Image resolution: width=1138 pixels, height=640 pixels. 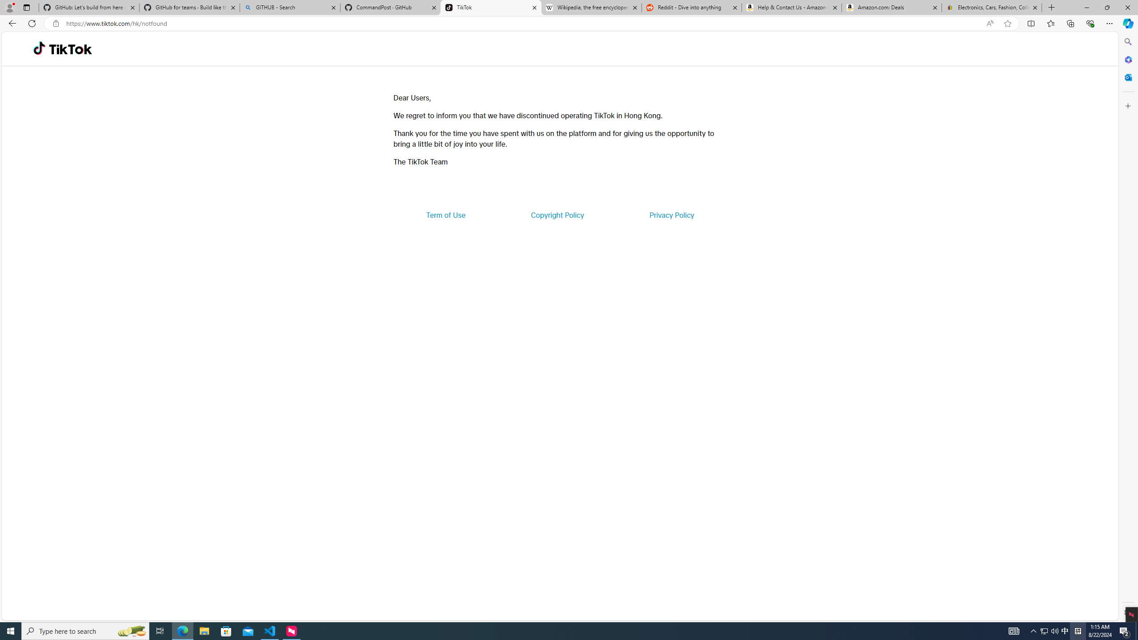 What do you see at coordinates (671, 214) in the screenshot?
I see `'Privacy Policy'` at bounding box center [671, 214].